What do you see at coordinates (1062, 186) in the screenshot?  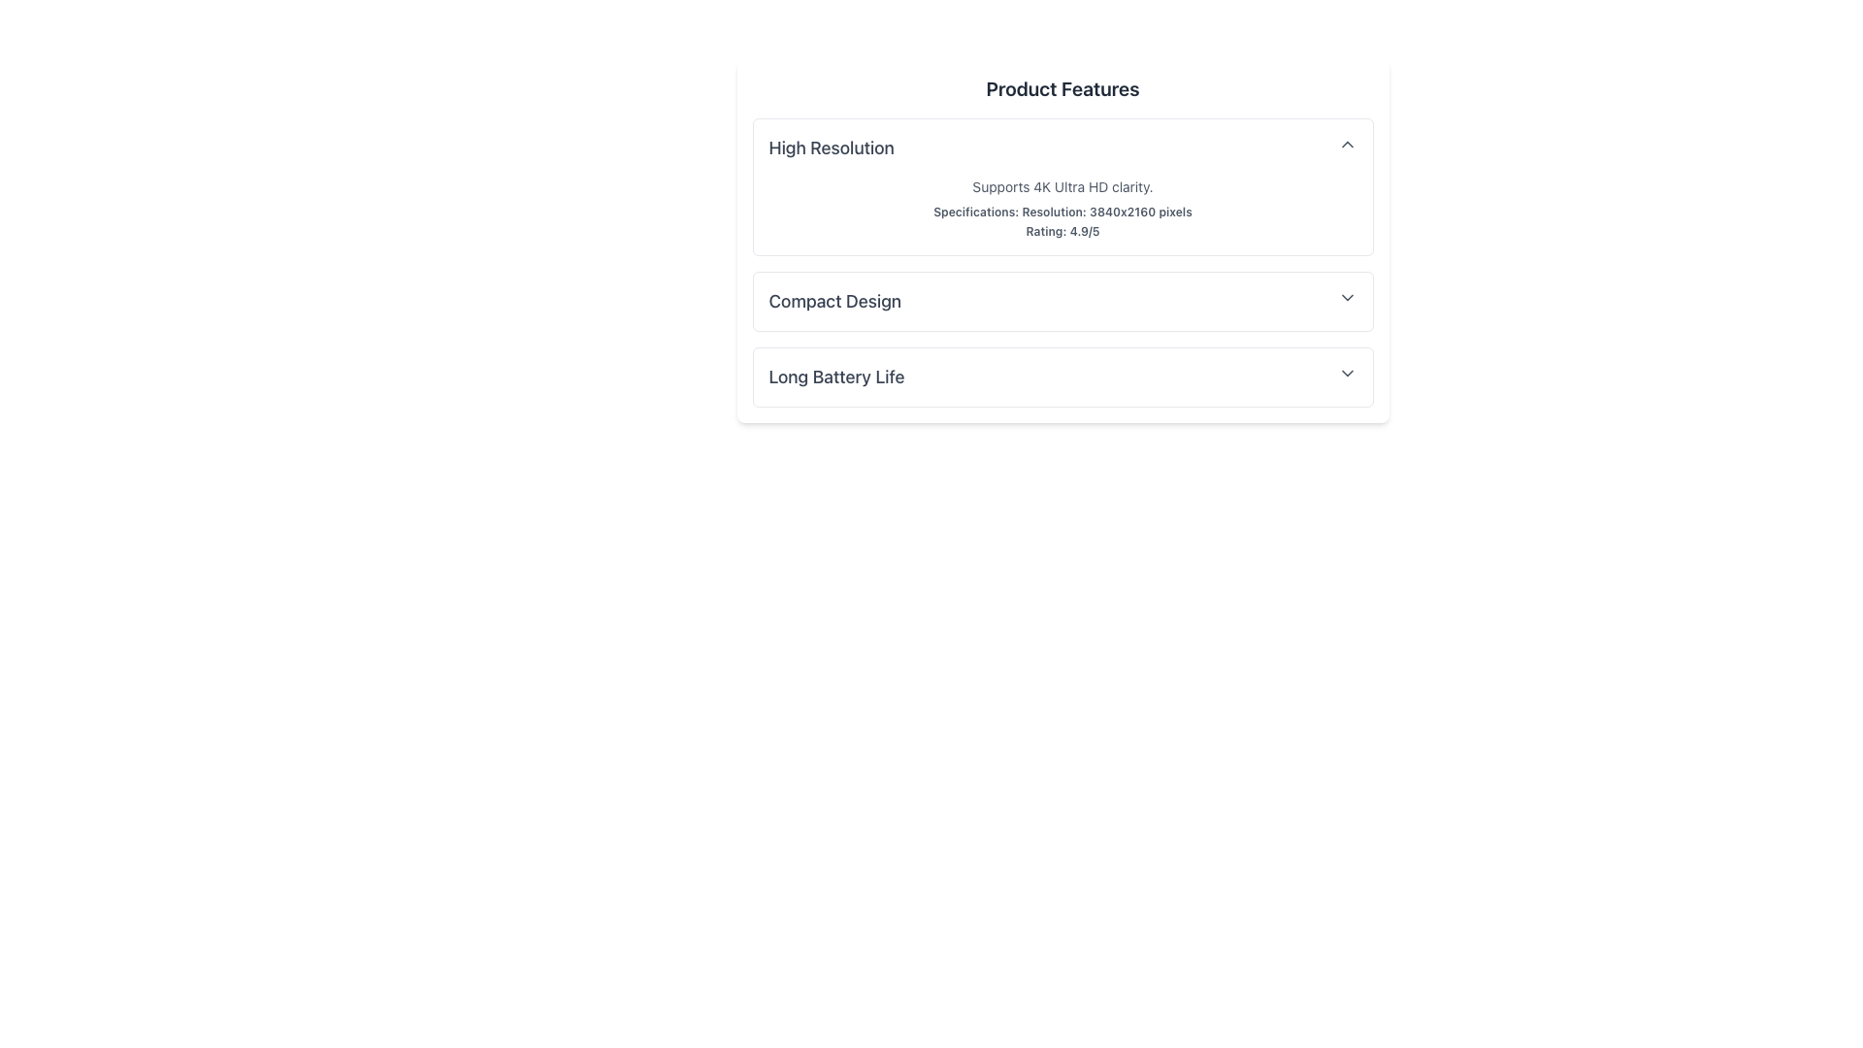 I see `the first collapsible section under the 'Product Features' header that provides information about the 'High Resolution' feature for potential highlights` at bounding box center [1062, 186].